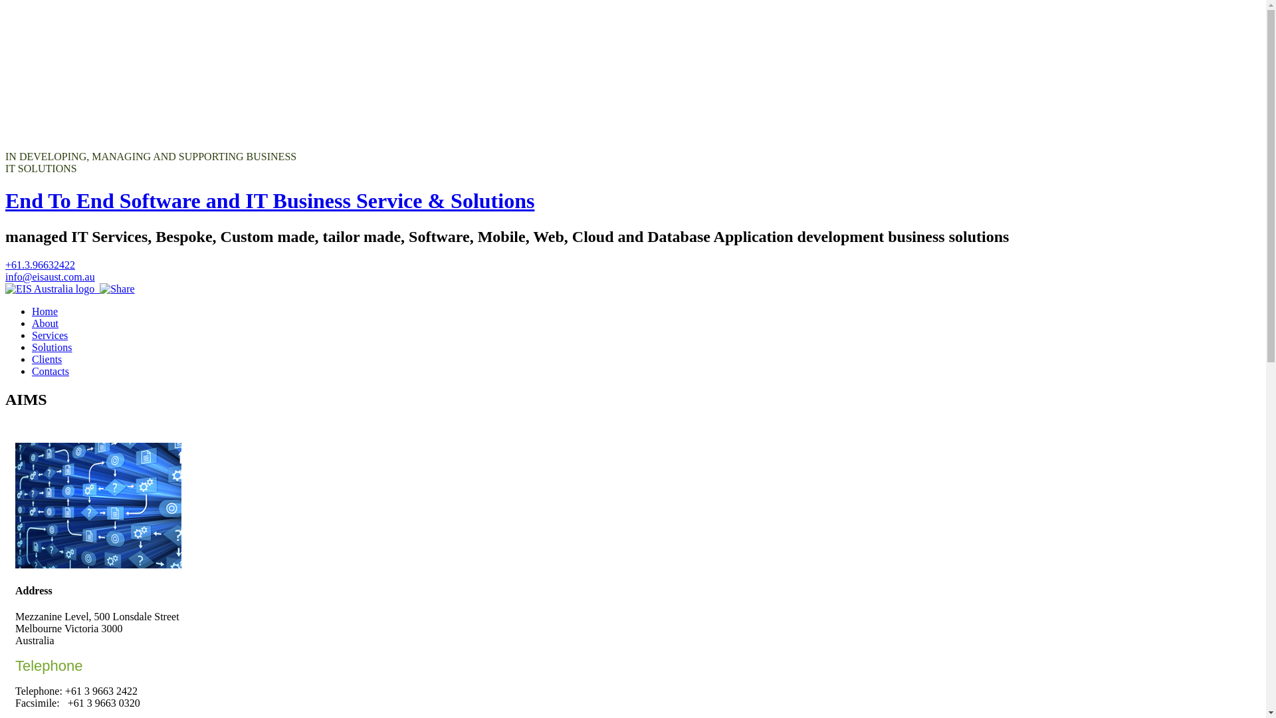 The width and height of the screenshot is (1276, 718). What do you see at coordinates (32, 359) in the screenshot?
I see `'Clients'` at bounding box center [32, 359].